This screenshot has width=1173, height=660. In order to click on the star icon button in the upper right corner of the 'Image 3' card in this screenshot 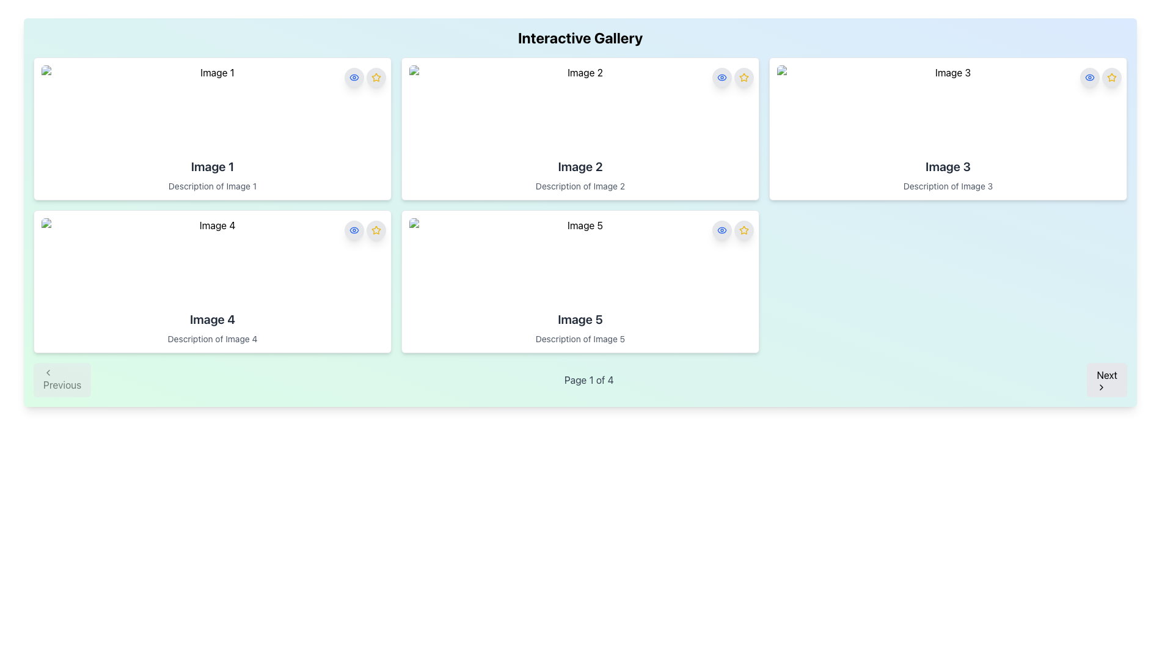, I will do `click(1111, 77)`.